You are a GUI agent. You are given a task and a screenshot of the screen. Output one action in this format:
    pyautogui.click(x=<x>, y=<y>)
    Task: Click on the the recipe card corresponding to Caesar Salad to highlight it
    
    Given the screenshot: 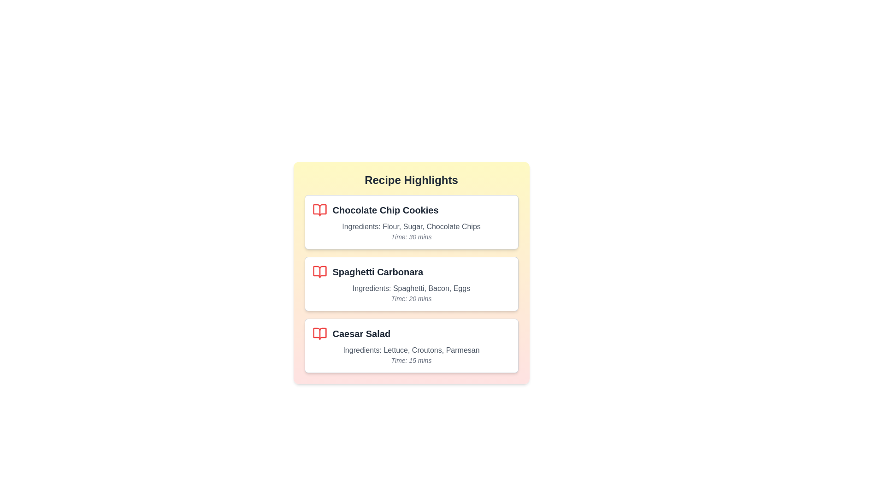 What is the action you would take?
    pyautogui.click(x=411, y=345)
    